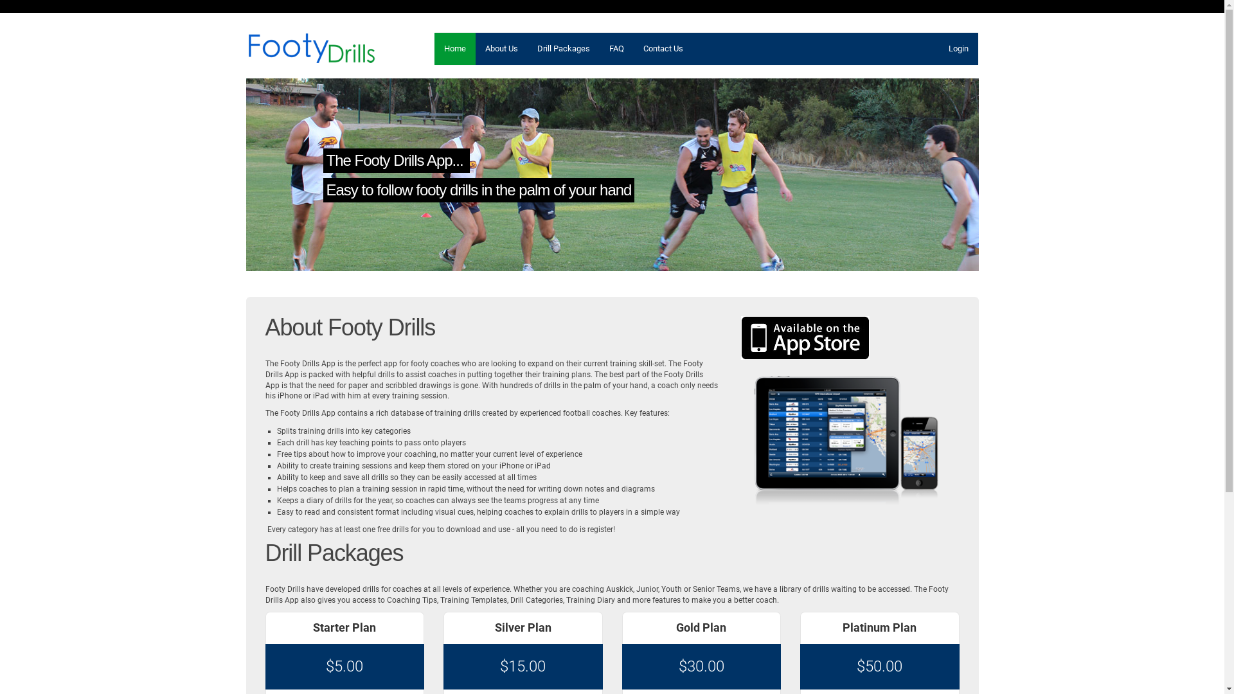 Image resolution: width=1234 pixels, height=694 pixels. I want to click on 'Footy Drills', so click(310, 46).